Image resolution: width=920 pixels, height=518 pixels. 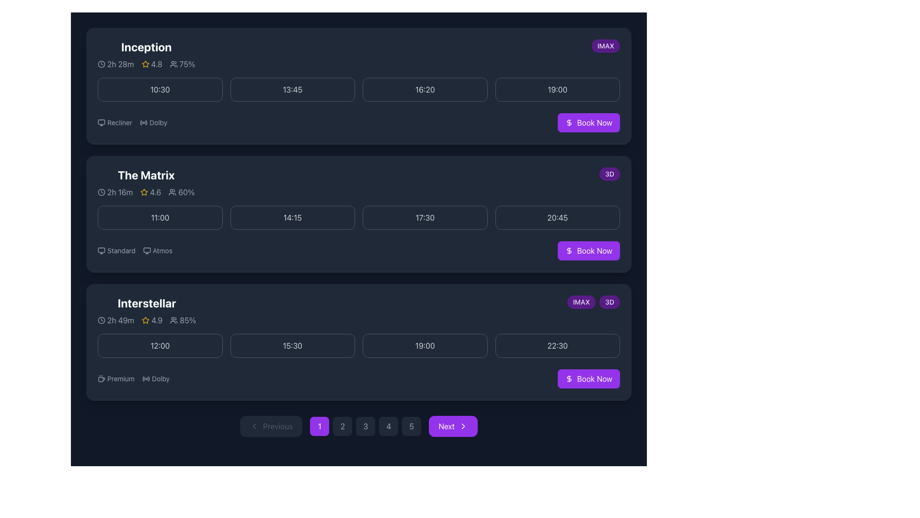 I want to click on the rating icon that visually indicates quality, located to the left of the numerical rating text '4.8', so click(x=145, y=64).